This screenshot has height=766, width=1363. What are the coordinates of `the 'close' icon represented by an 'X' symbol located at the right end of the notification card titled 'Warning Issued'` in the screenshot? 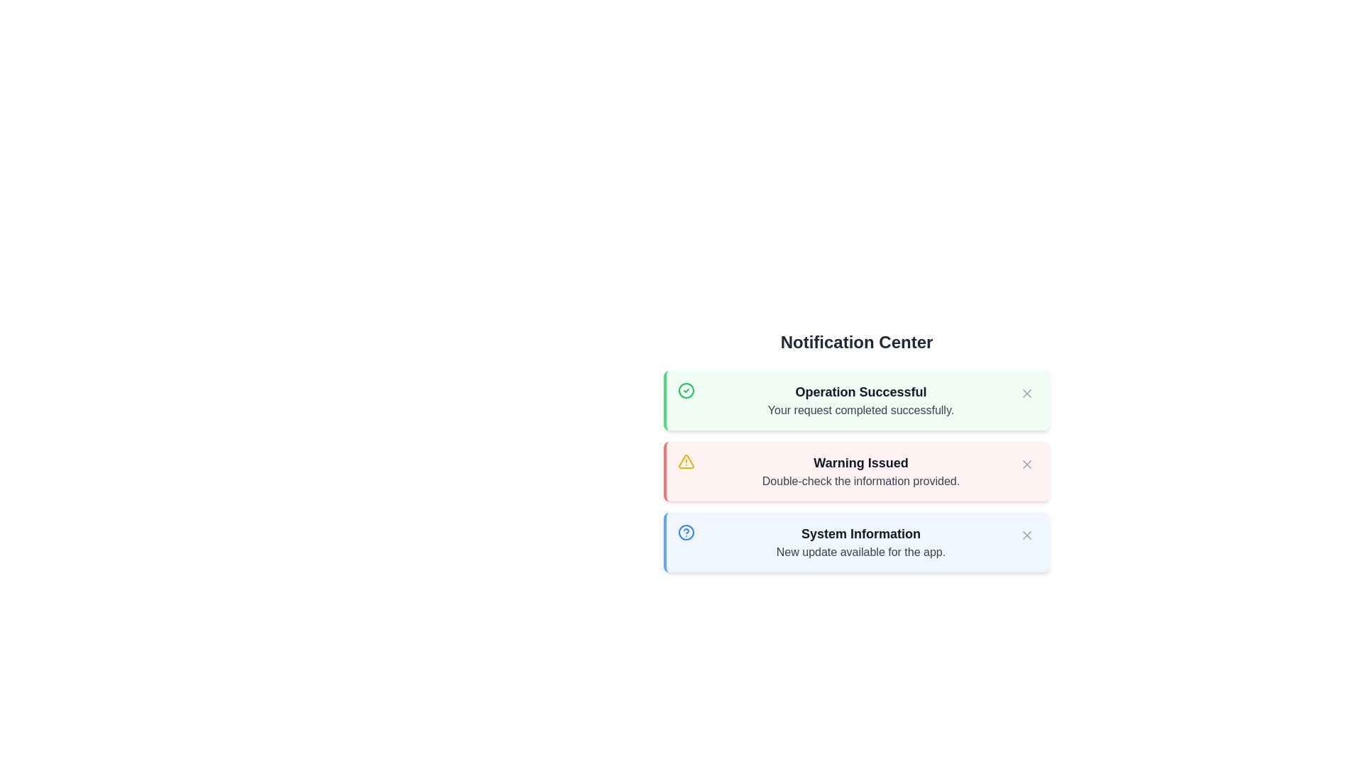 It's located at (1027, 465).